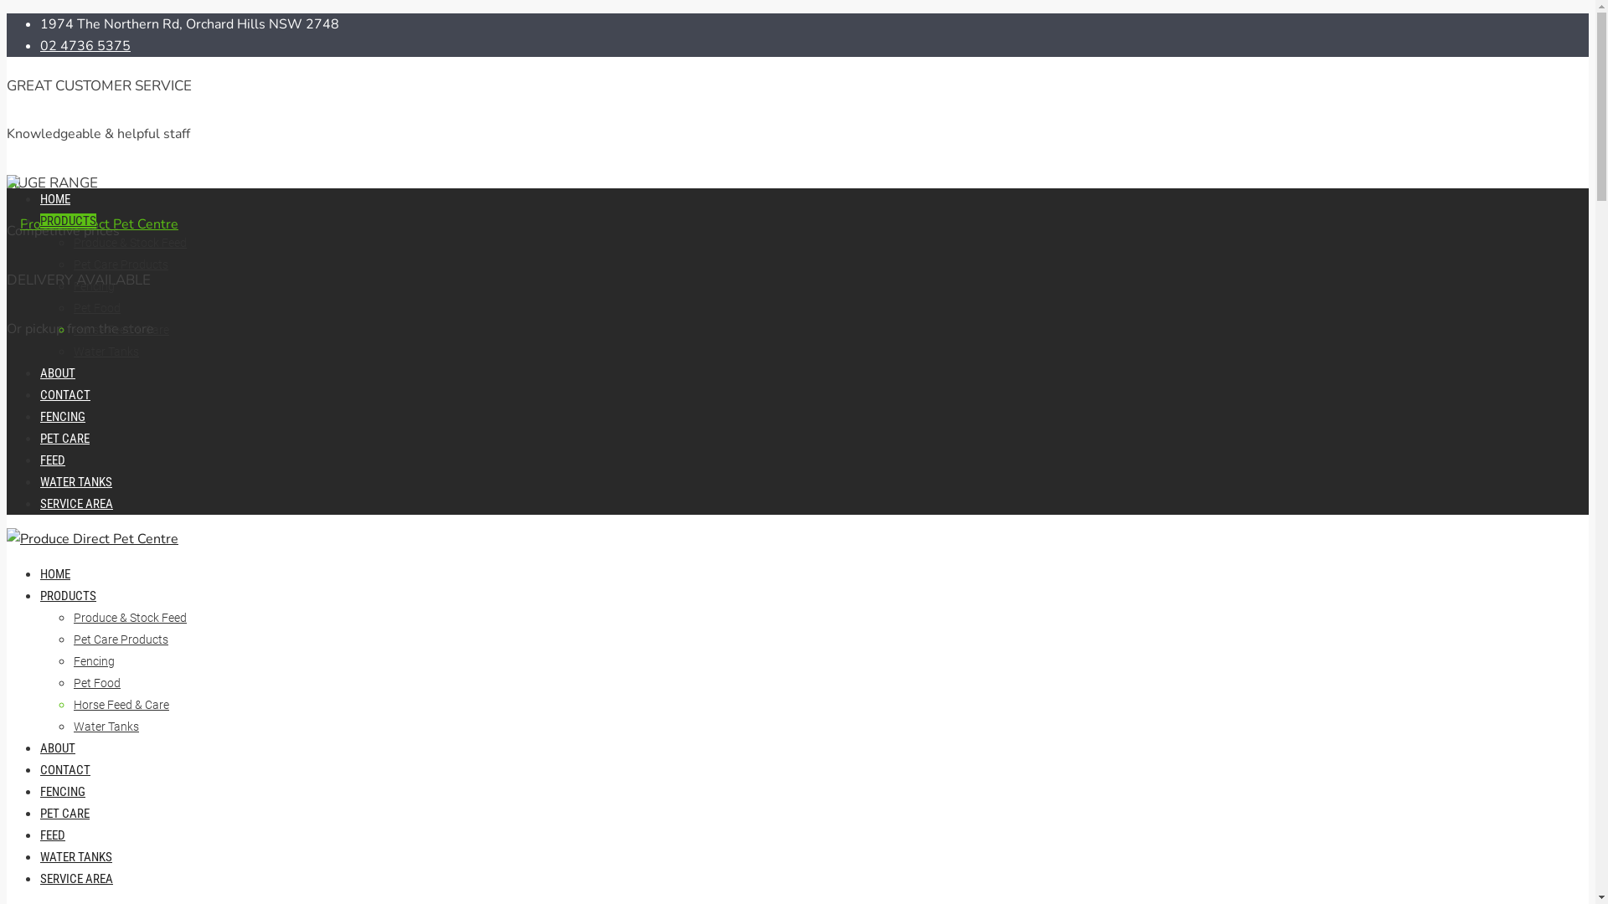 This screenshot has width=1608, height=904. I want to click on 'FEED', so click(52, 835).